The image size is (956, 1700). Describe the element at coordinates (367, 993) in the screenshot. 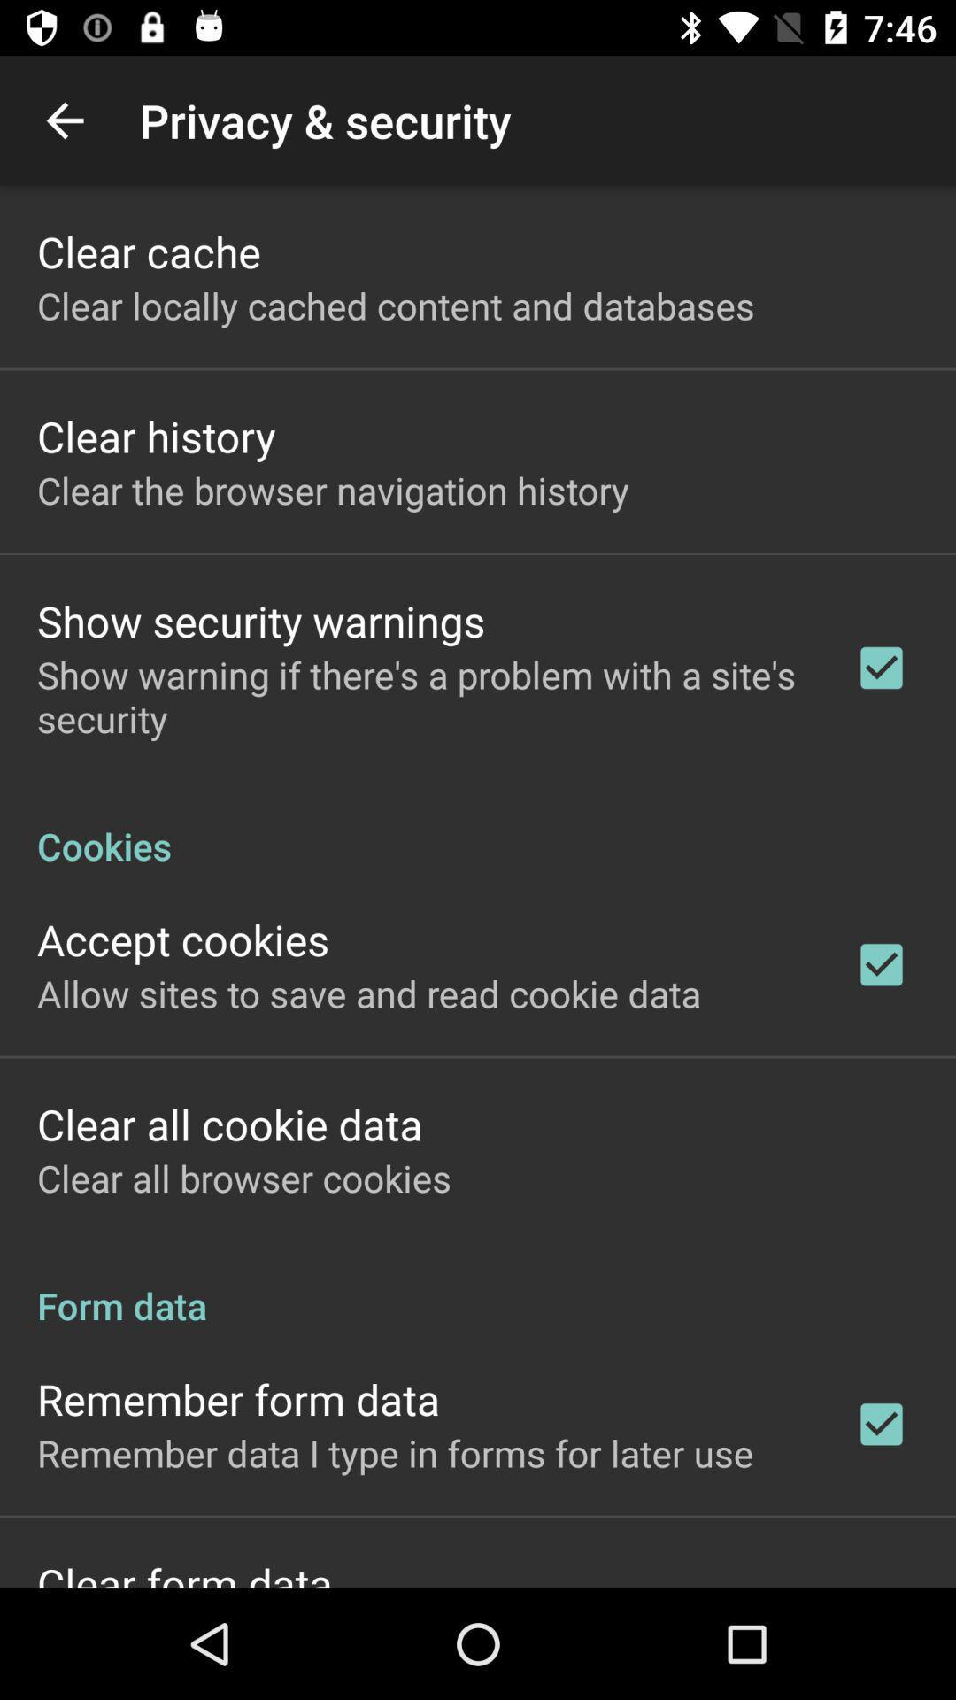

I see `icon above the clear all cookie icon` at that location.